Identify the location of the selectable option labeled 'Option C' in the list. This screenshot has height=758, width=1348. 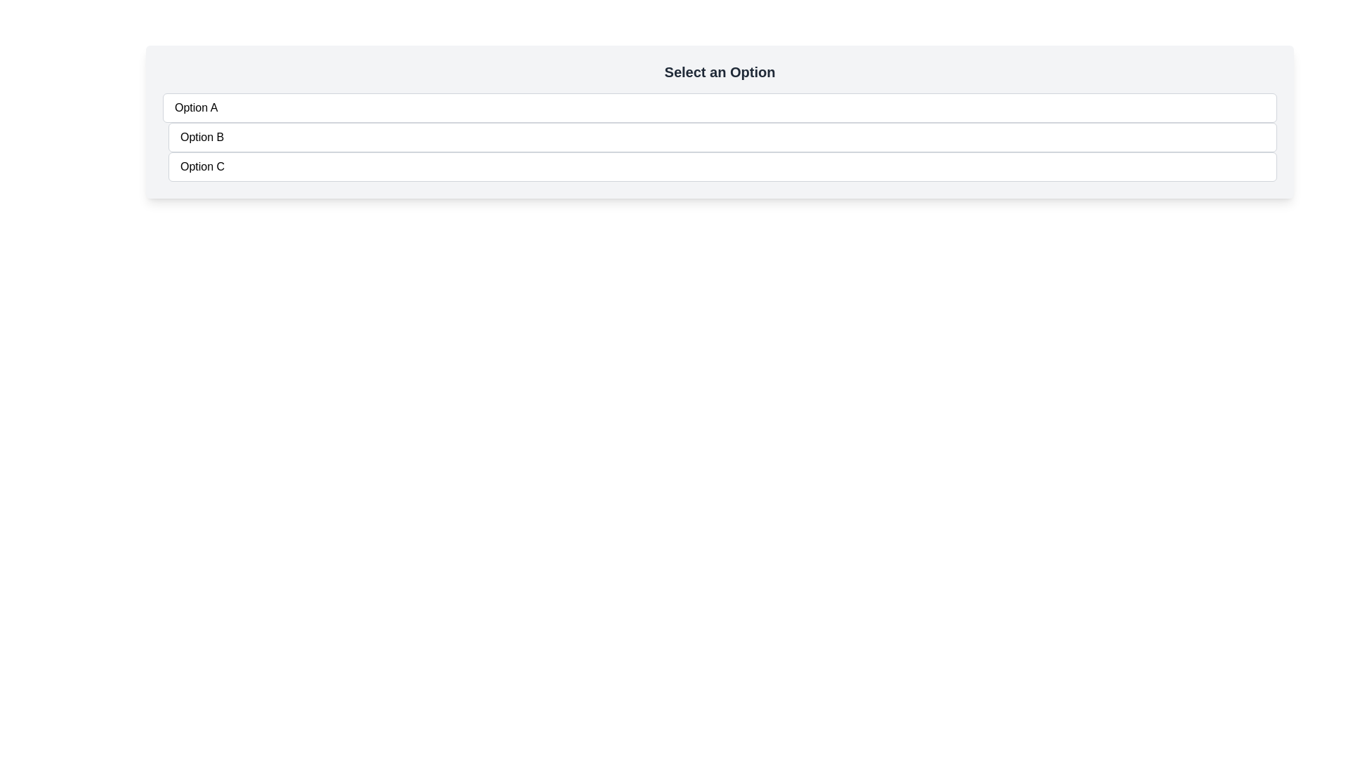
(722, 166).